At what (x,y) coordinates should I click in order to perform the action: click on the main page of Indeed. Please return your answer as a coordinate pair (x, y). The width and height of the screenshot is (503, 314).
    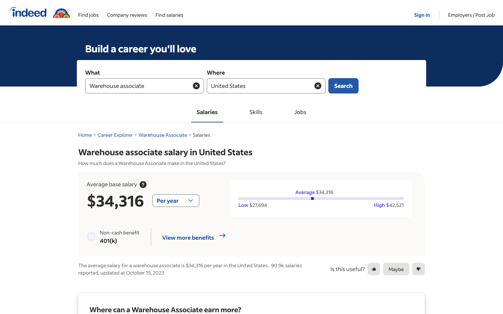
    Looking at the image, I should click on (27, 12).